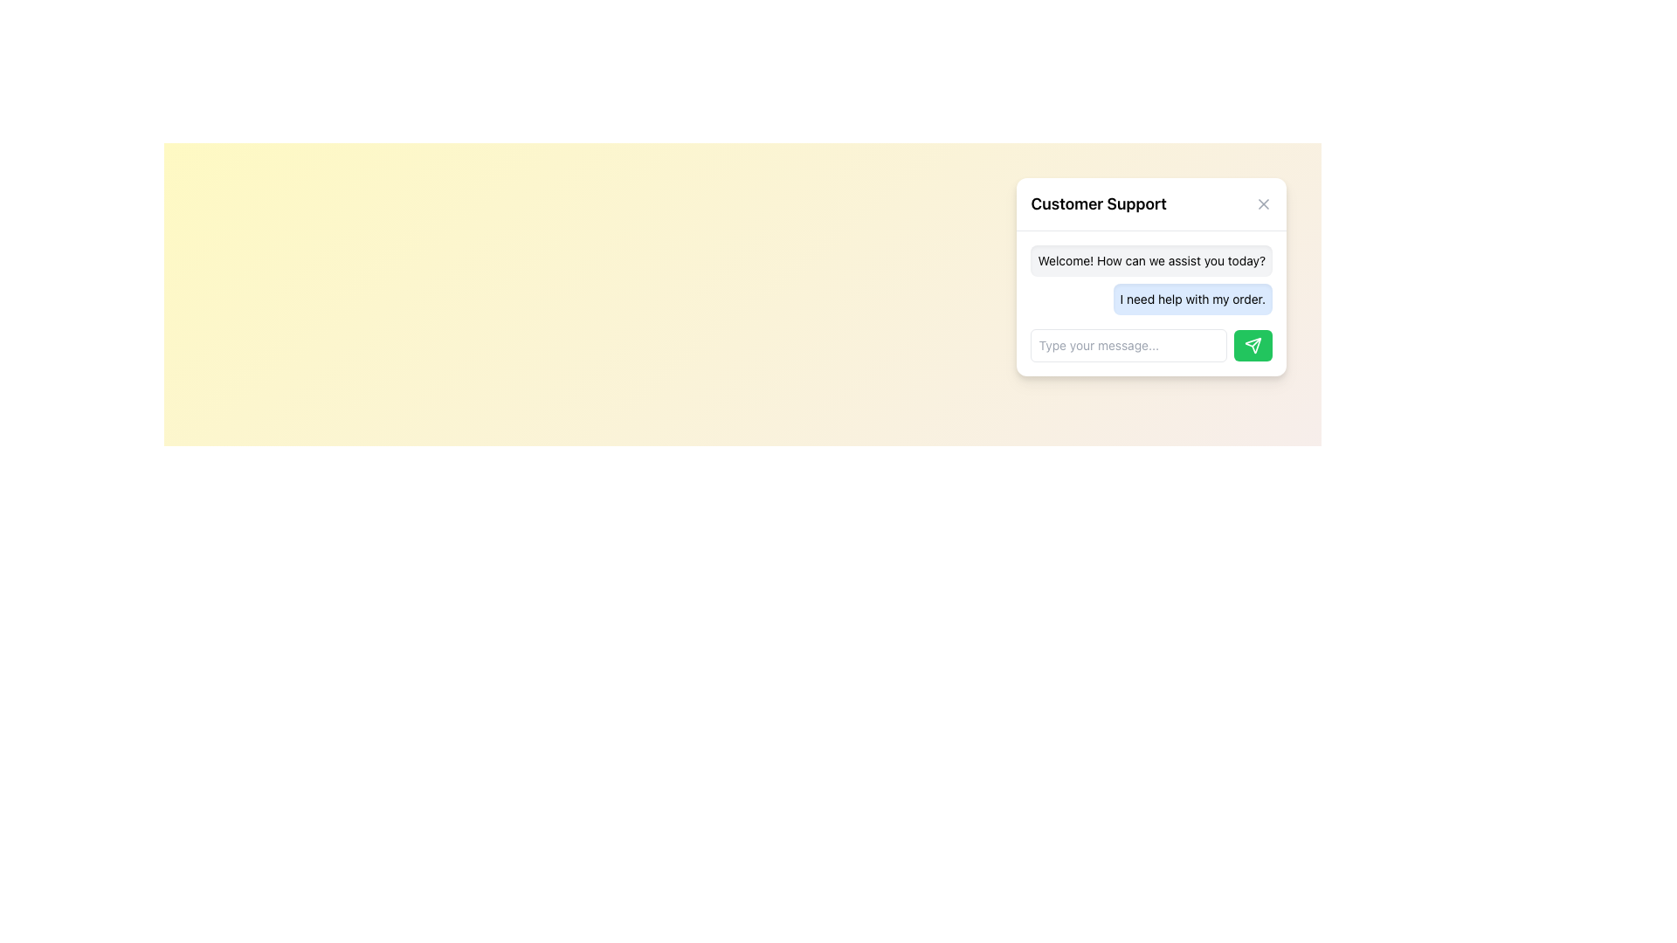 The image size is (1677, 943). I want to click on the 'Customer Support' header bar at the top of the modal dialog box, which is styled in bold and large font, so click(1151, 203).